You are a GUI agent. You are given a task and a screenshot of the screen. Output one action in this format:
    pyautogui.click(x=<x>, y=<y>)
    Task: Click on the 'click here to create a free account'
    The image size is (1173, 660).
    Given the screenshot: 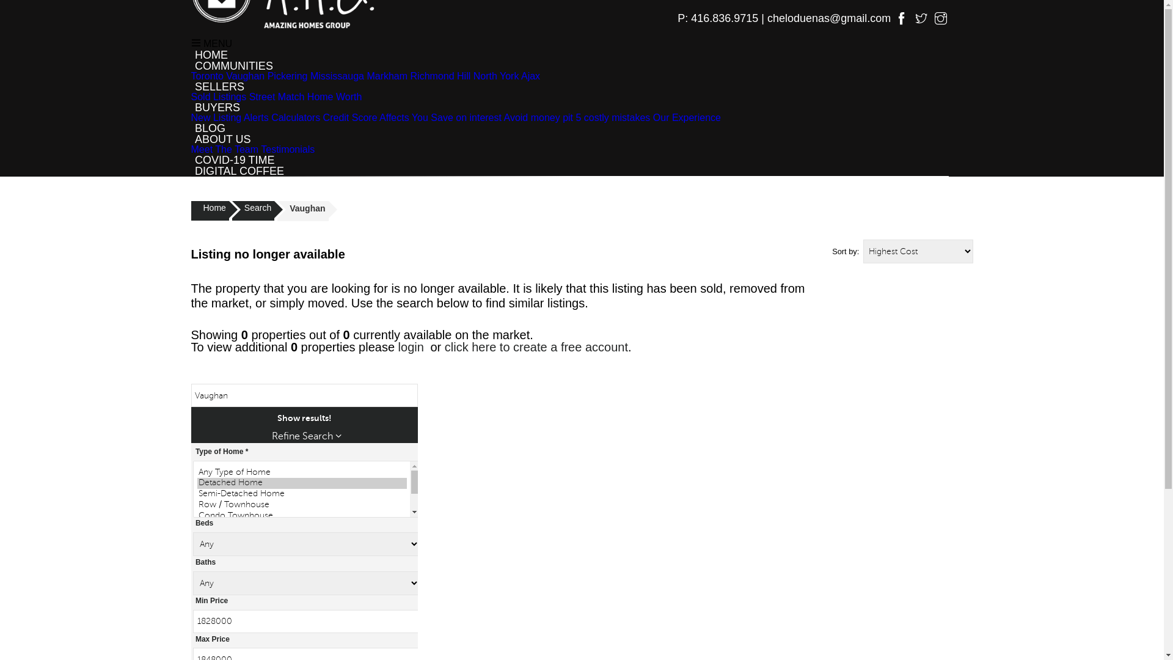 What is the action you would take?
    pyautogui.click(x=536, y=346)
    